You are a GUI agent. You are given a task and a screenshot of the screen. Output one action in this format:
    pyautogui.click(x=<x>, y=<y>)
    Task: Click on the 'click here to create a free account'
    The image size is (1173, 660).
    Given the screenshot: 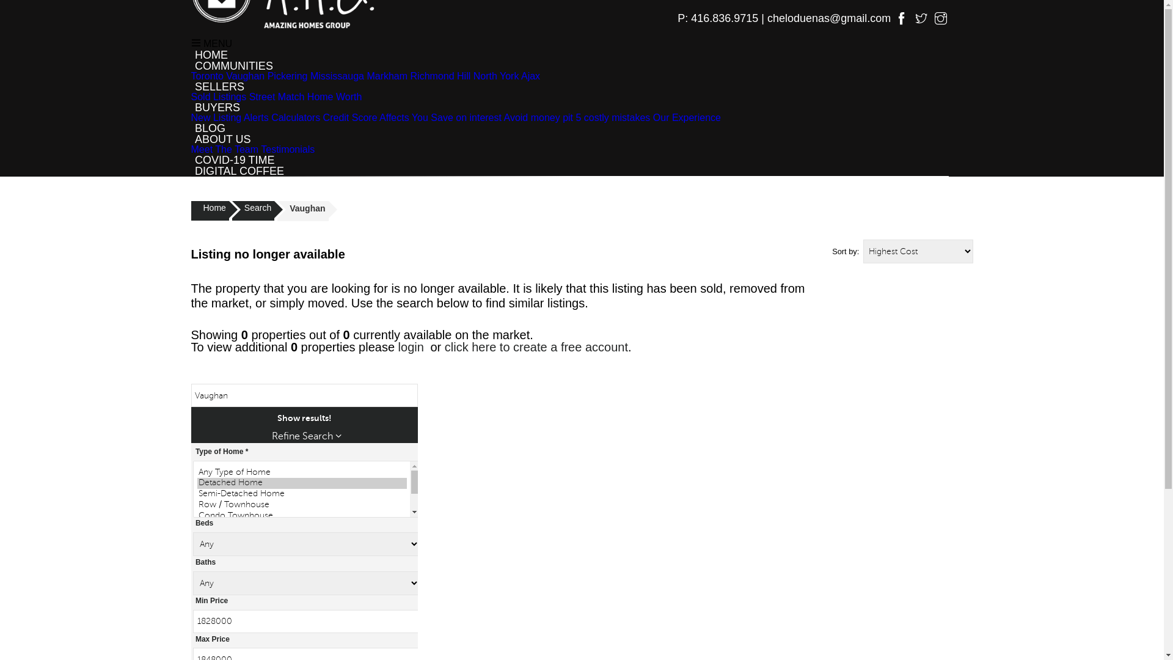 What is the action you would take?
    pyautogui.click(x=536, y=346)
    